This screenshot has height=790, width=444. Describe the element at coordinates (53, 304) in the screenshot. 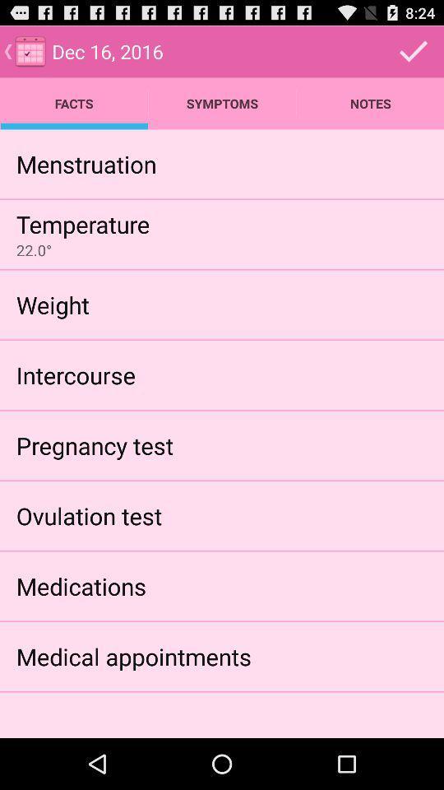

I see `weight app` at that location.